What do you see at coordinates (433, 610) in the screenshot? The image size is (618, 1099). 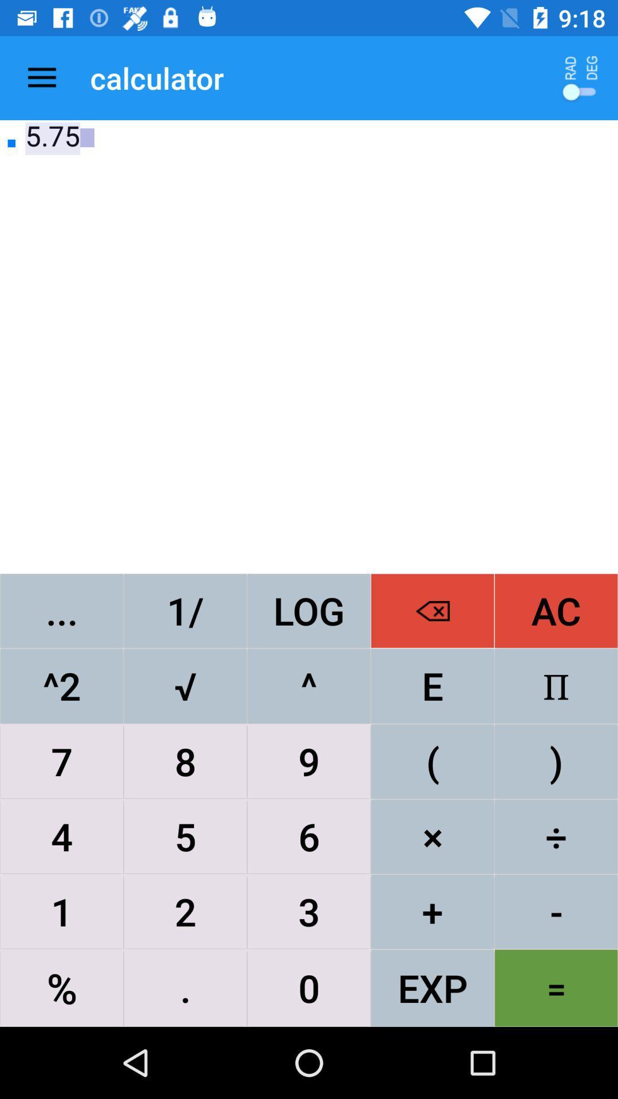 I see `icon to the left of ac item` at bounding box center [433, 610].